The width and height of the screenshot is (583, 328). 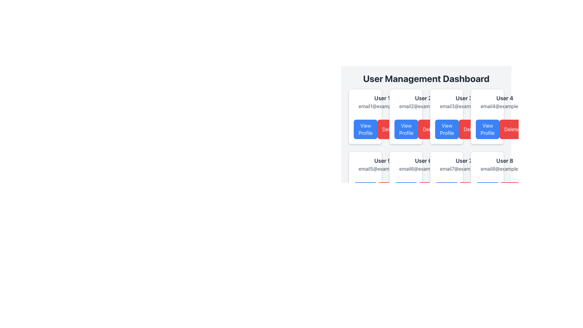 What do you see at coordinates (423, 98) in the screenshot?
I see `the user name text label located in the upper-left corner of the user information card` at bounding box center [423, 98].